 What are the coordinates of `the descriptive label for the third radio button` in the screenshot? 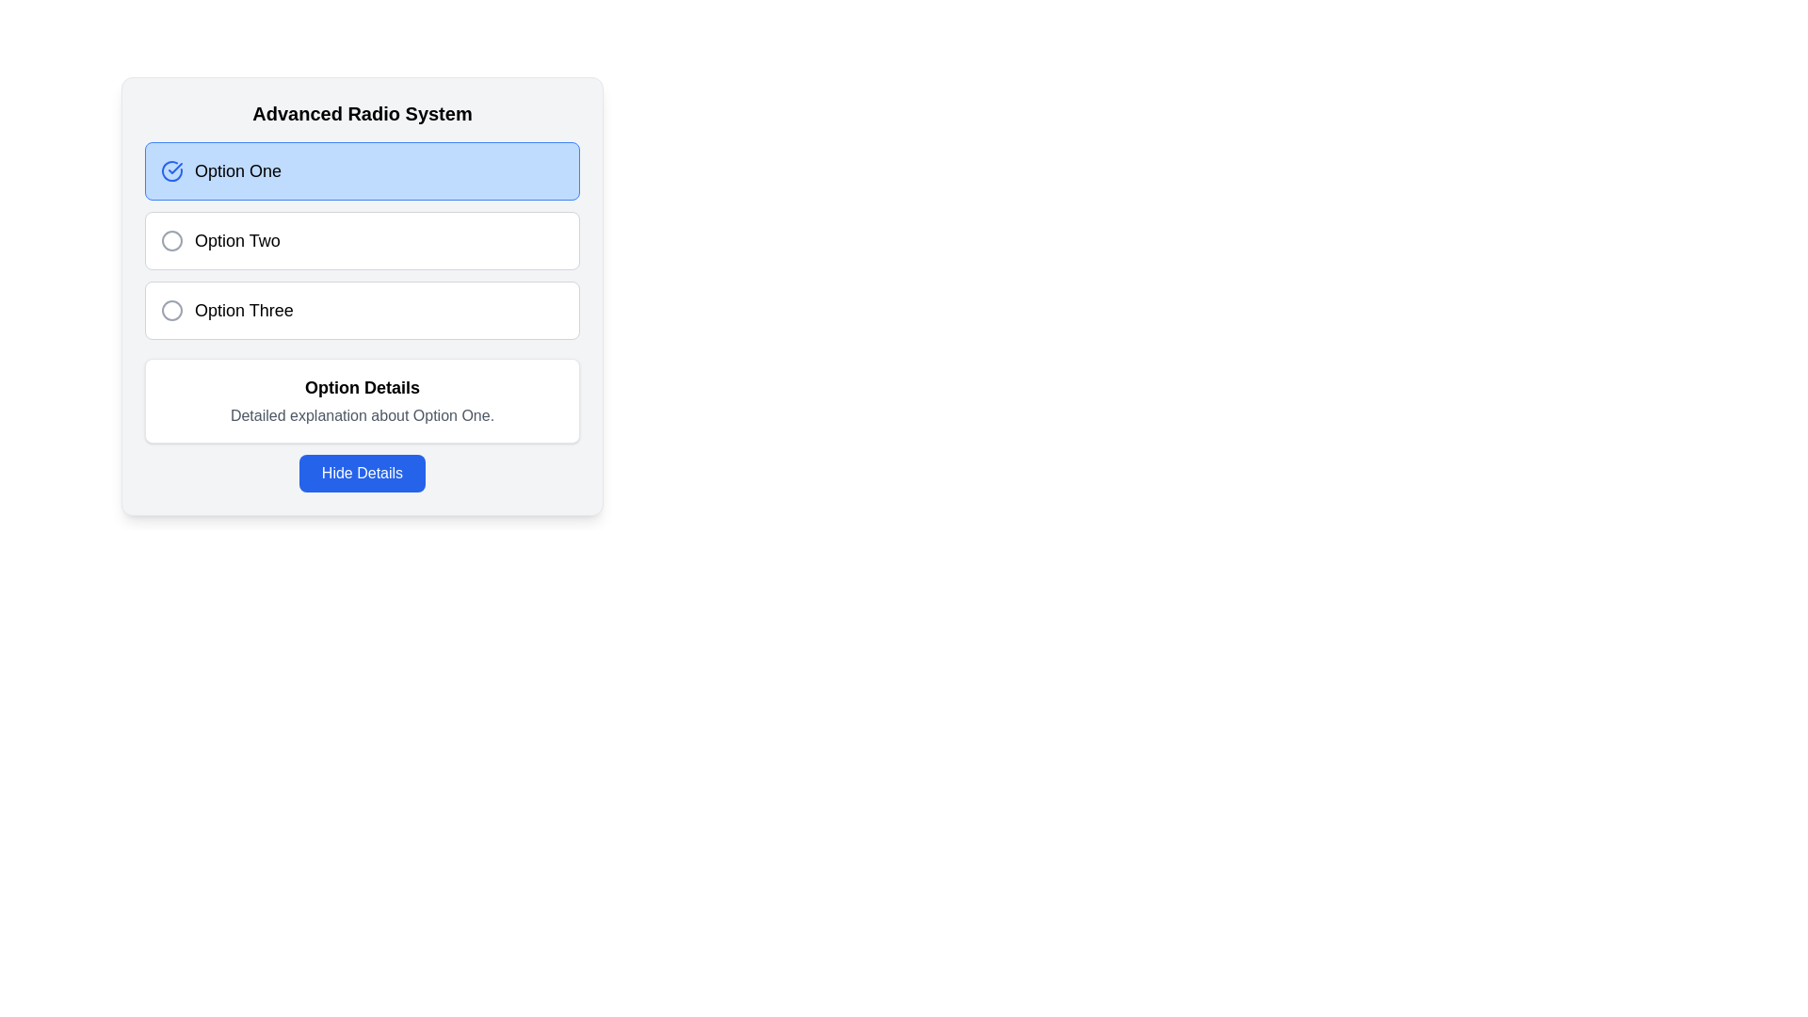 It's located at (243, 310).